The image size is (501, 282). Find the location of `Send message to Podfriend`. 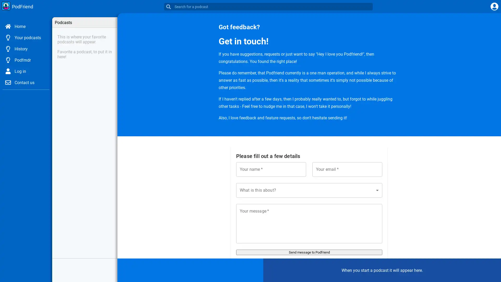

Send message to Podfriend is located at coordinates (309, 252).